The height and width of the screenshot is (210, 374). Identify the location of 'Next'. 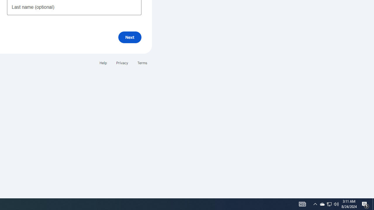
(129, 37).